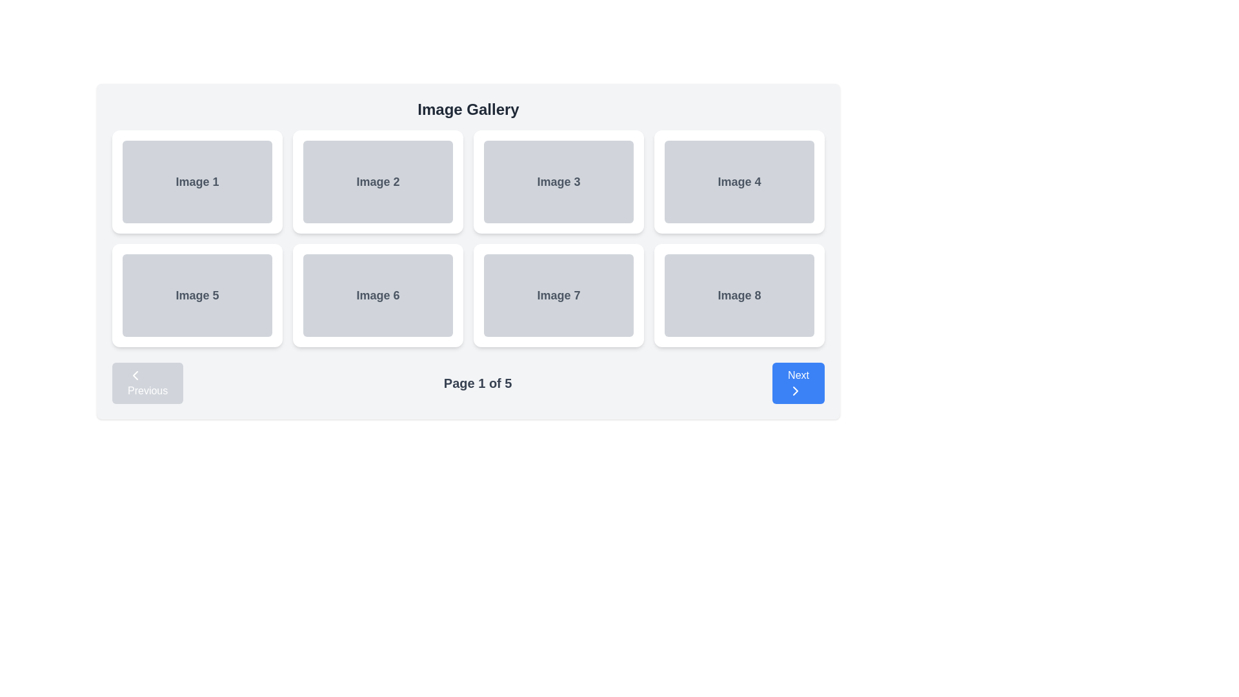 The height and width of the screenshot is (697, 1239). I want to click on the gallery item labeled 'Image 1' in the first row and first column of the grid, so click(197, 181).